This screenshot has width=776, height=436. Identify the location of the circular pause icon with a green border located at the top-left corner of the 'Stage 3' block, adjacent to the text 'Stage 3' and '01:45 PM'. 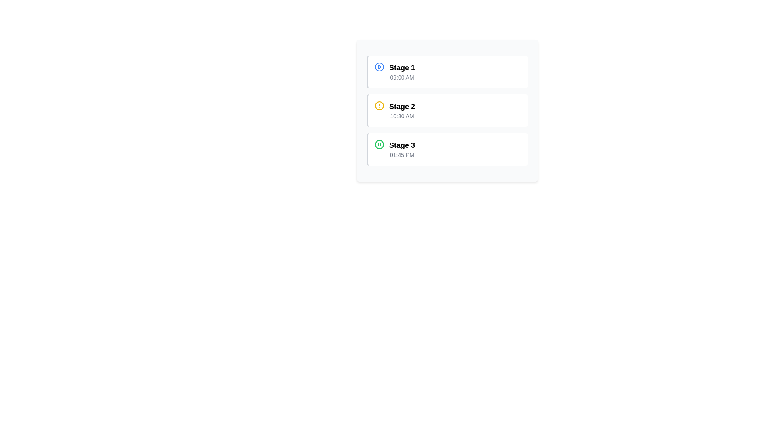
(379, 144).